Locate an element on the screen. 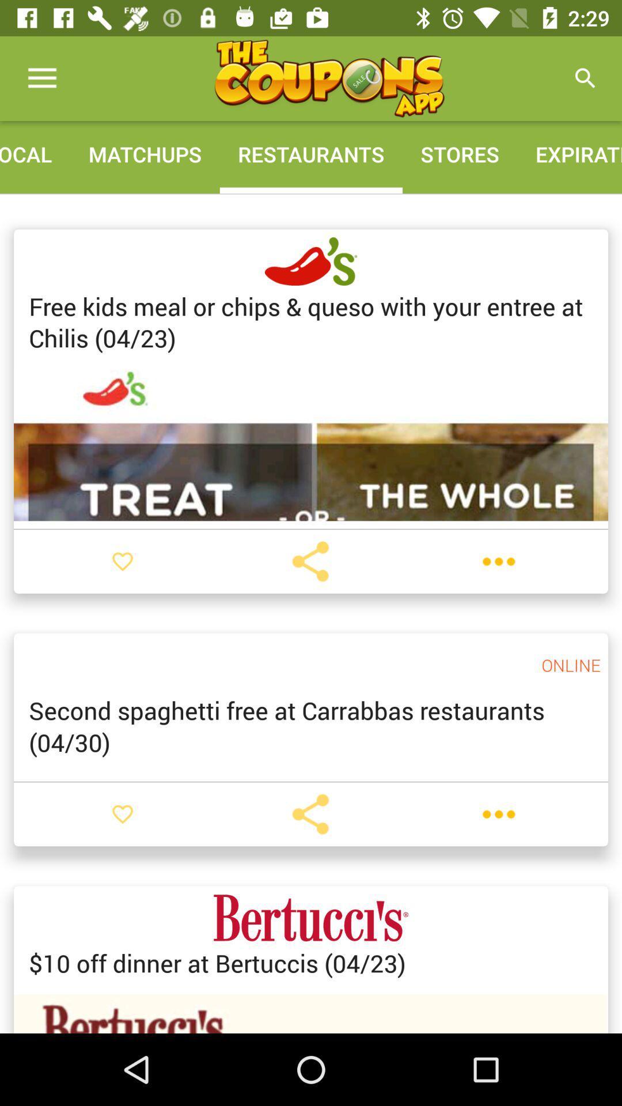 The width and height of the screenshot is (622, 1106). to favorites is located at coordinates (122, 813).